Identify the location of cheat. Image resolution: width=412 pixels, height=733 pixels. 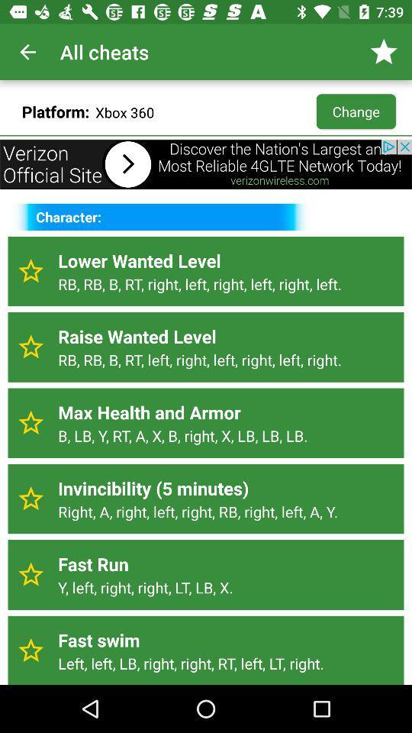
(31, 347).